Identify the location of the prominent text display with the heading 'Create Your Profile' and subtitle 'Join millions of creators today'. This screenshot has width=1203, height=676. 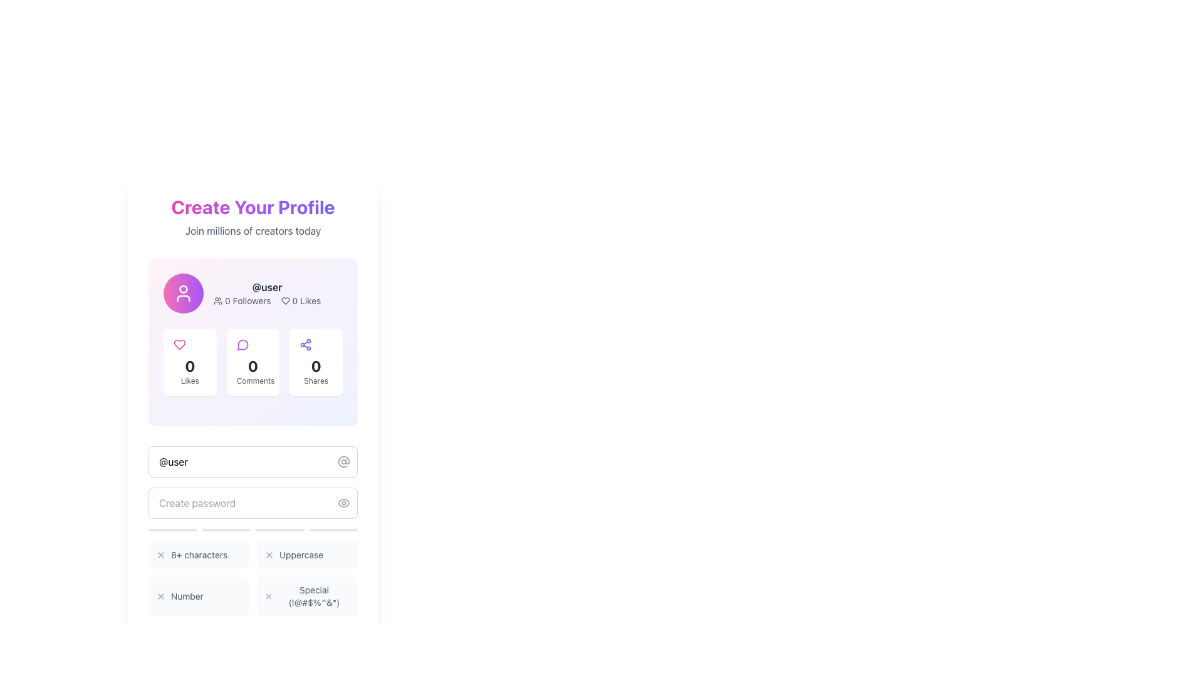
(252, 217).